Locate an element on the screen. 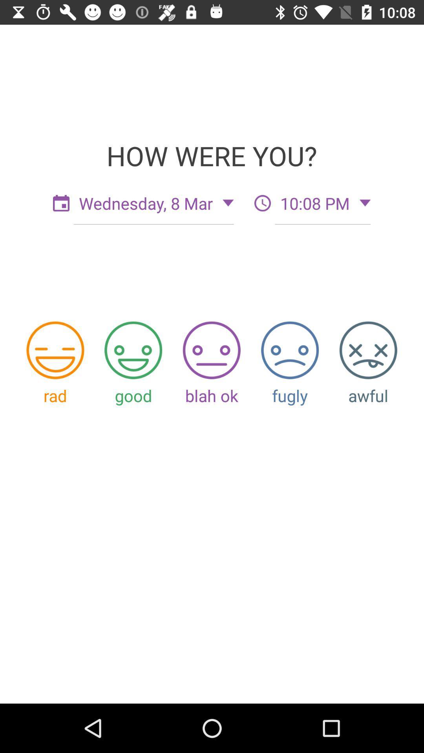 The image size is (424, 753). modify time is located at coordinates (262, 203).